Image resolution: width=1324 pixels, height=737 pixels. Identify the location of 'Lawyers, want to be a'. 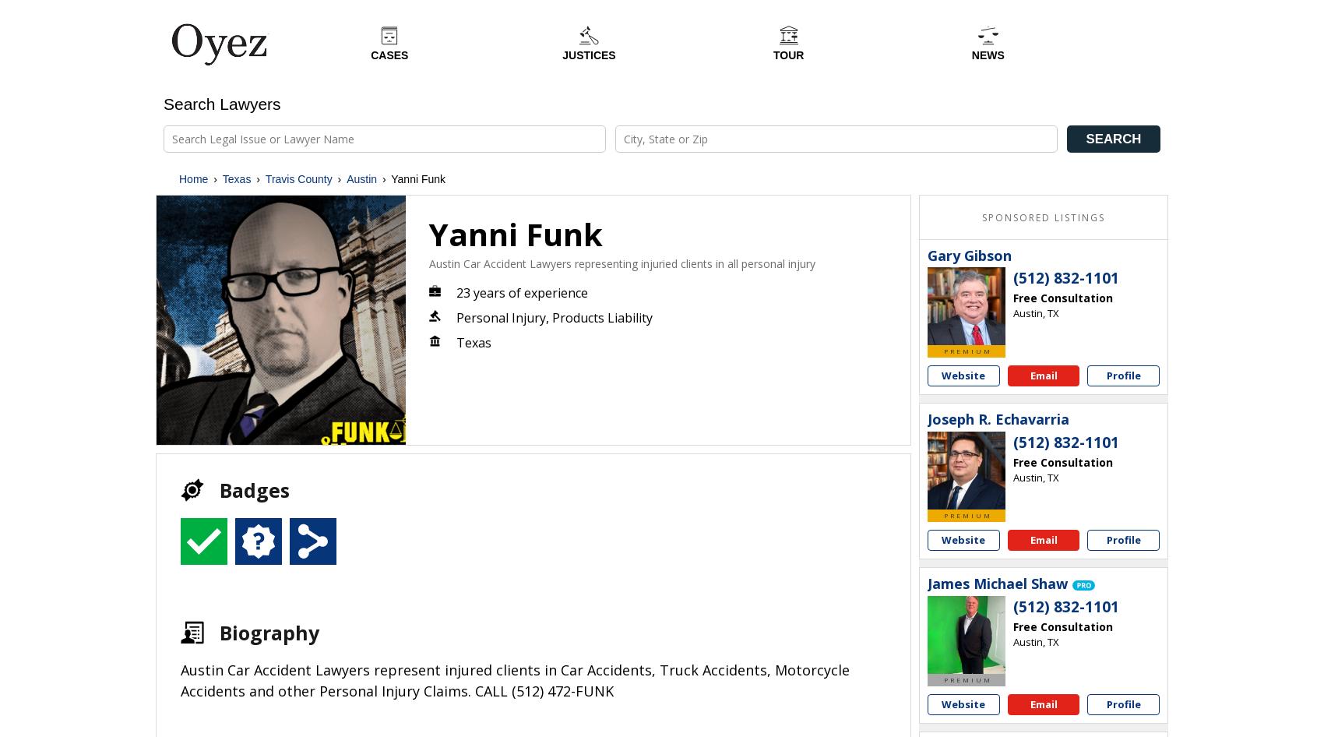
(953, 608).